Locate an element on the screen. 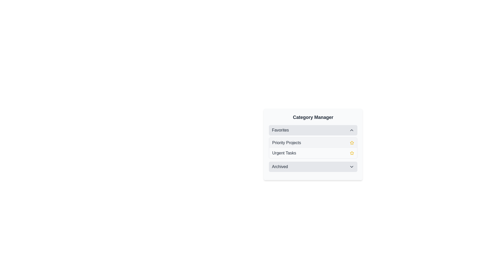  the small upward-pointing chevron icon located to the right of the 'Favorites' text in the 'Category Manager' list component to interact with the list segment is located at coordinates (351, 130).